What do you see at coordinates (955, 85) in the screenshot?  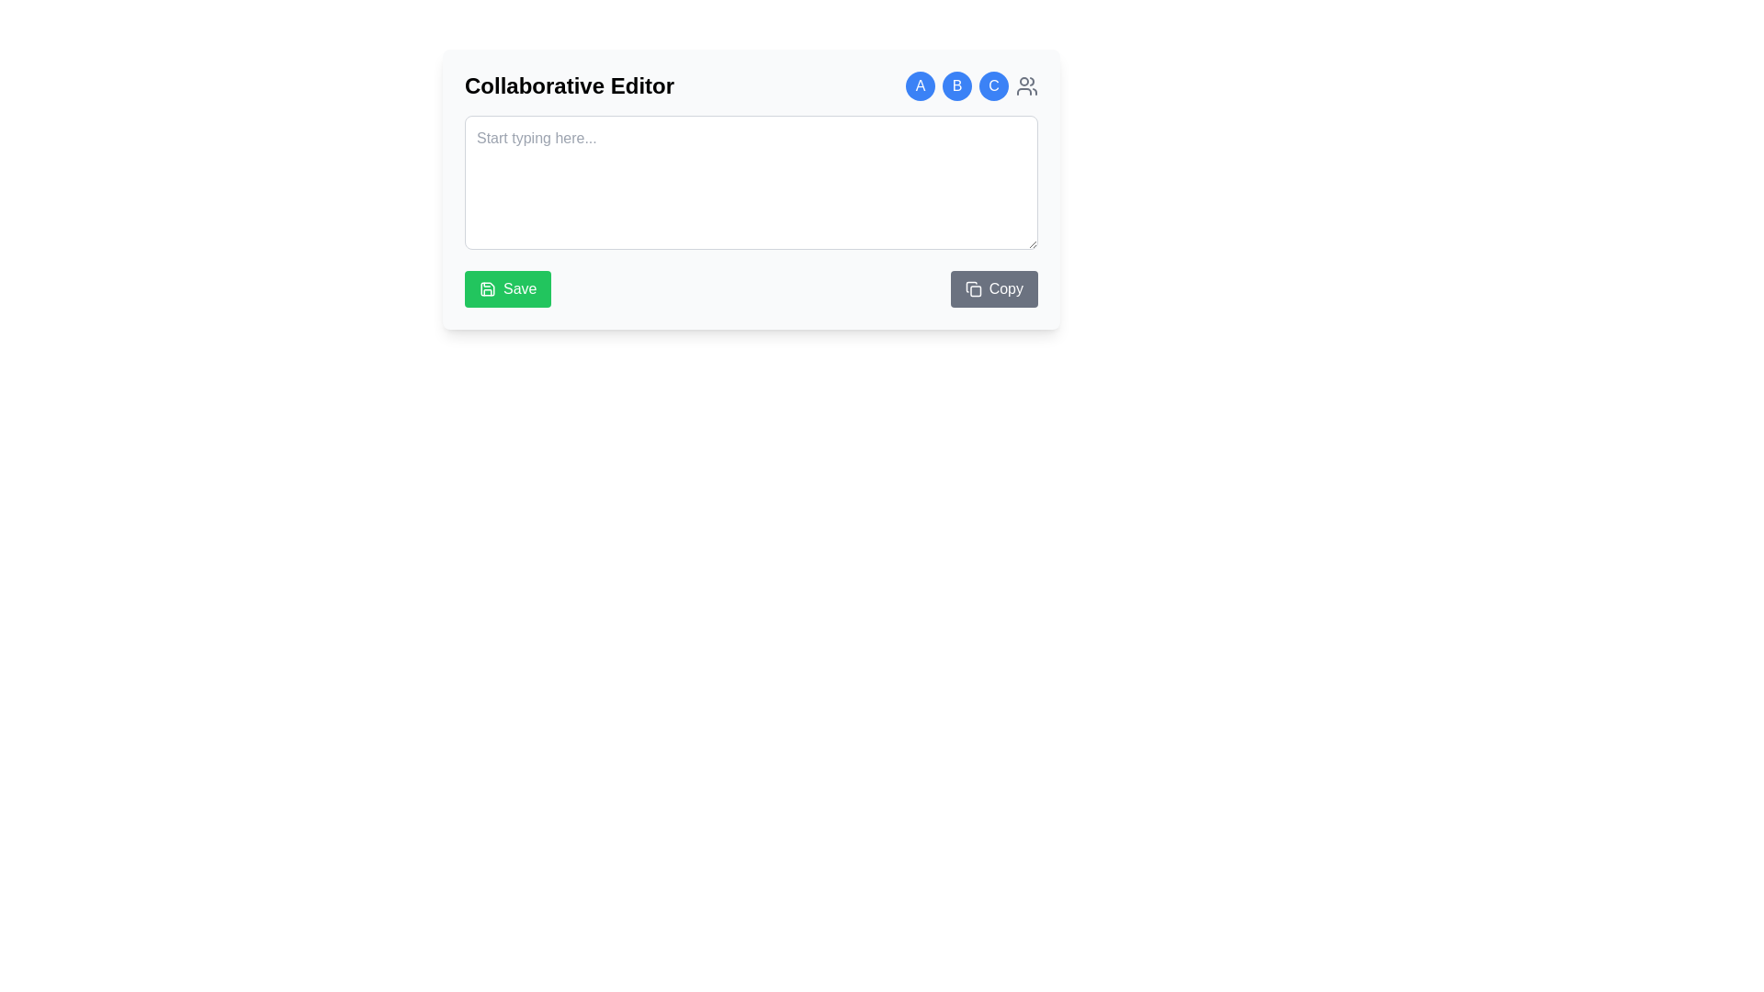 I see `the button labeled 'B' located in the horizontal row of circular buttons near the top-right corner of the interface` at bounding box center [955, 85].